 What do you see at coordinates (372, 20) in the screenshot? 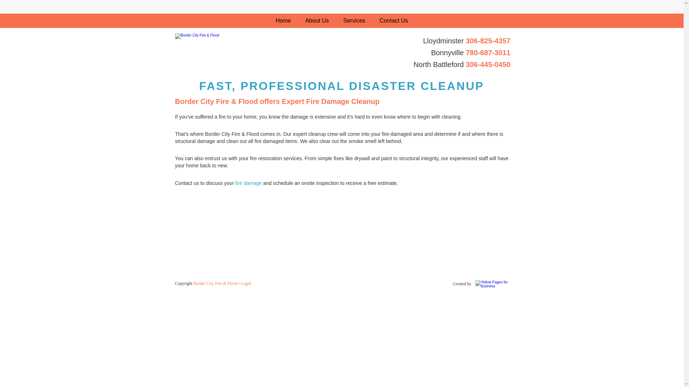
I see `'Contact Us'` at bounding box center [372, 20].